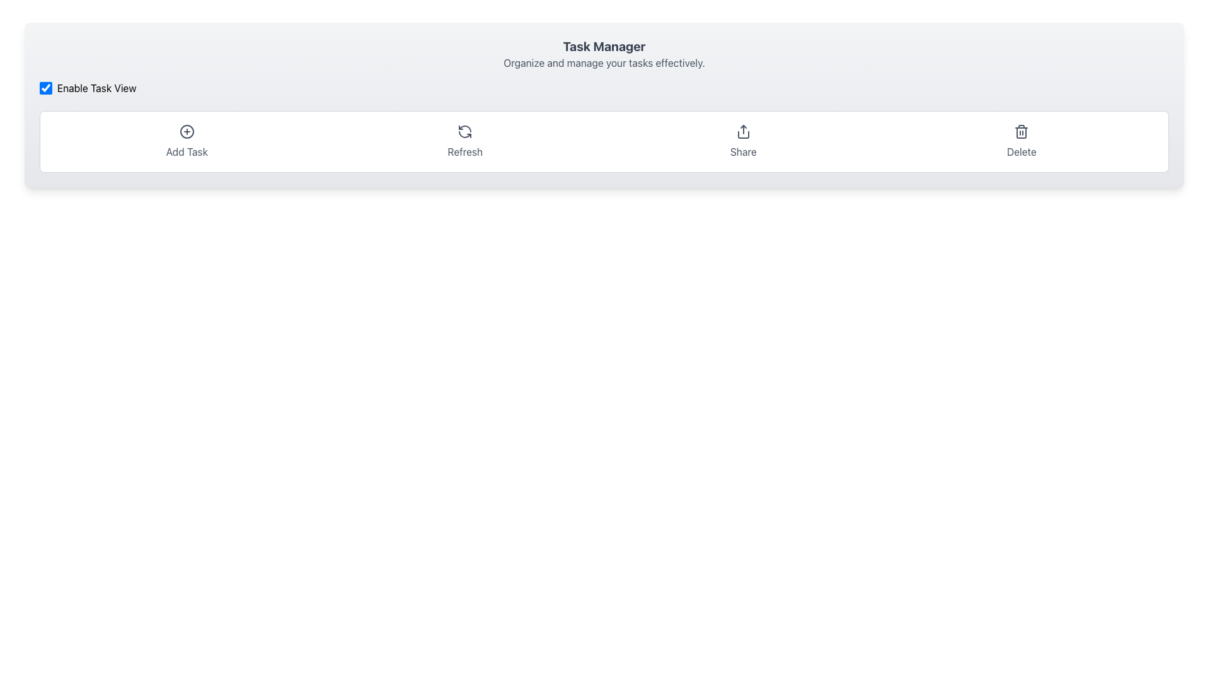 The width and height of the screenshot is (1210, 681). Describe the element at coordinates (1022, 133) in the screenshot. I see `the red trash can icon button located at the right-most side of the action buttons row` at that location.